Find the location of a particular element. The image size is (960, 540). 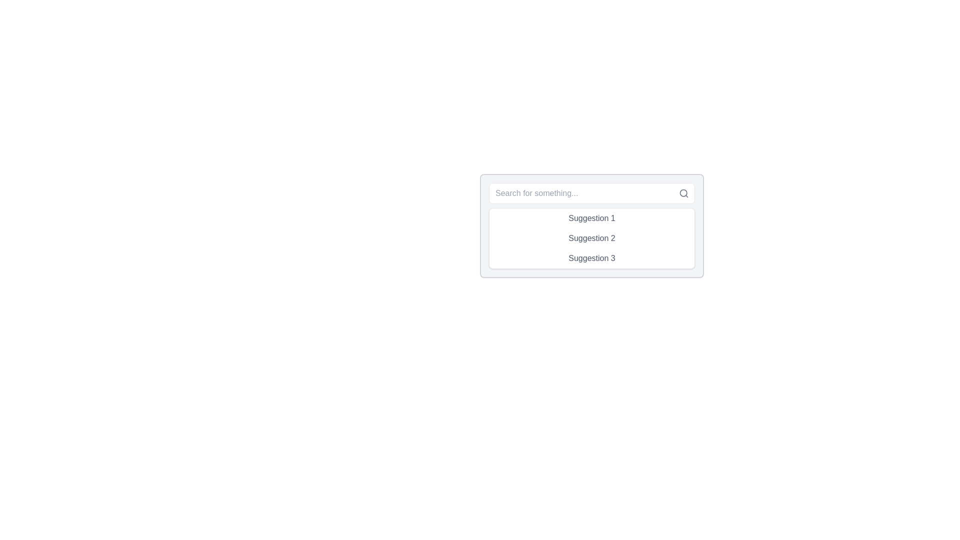

the first suggestion item labeled 'Suggestion 1' in the dropdown menu is located at coordinates (592, 217).